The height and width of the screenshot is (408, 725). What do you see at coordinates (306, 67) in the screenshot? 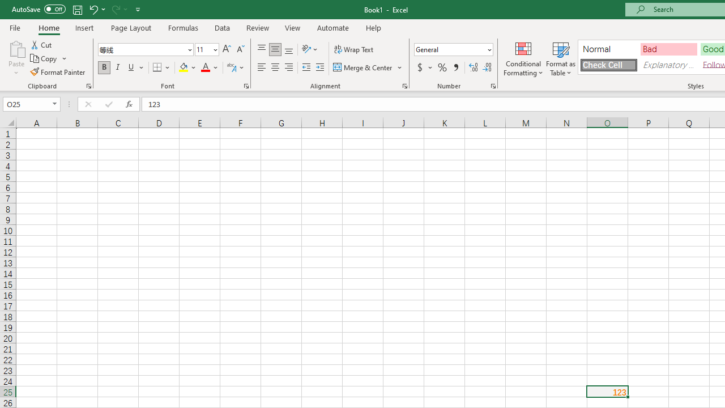
I see `'Decrease Indent'` at bounding box center [306, 67].